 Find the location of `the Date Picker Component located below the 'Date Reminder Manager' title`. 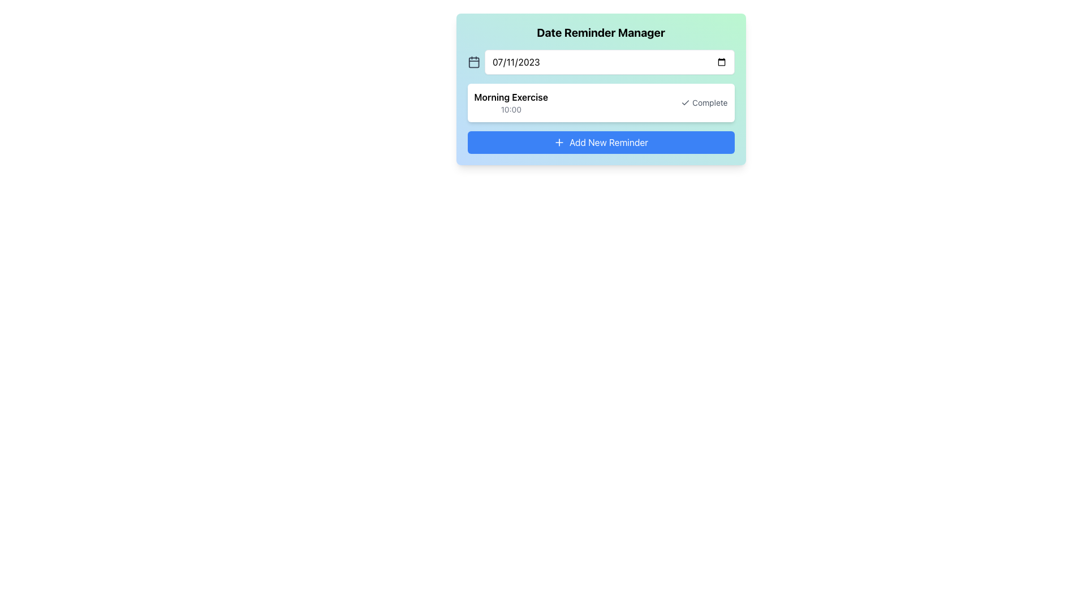

the Date Picker Component located below the 'Date Reminder Manager' title is located at coordinates (600, 62).